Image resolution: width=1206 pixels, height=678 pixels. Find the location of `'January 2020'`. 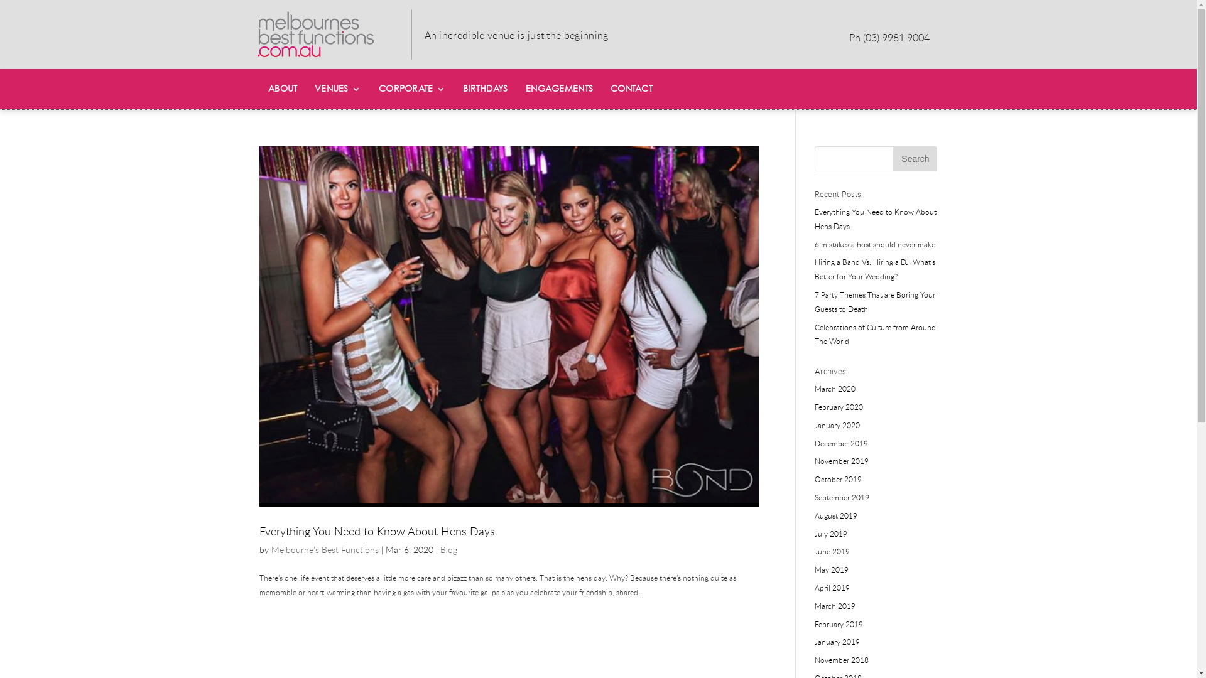

'January 2020' is located at coordinates (837, 424).